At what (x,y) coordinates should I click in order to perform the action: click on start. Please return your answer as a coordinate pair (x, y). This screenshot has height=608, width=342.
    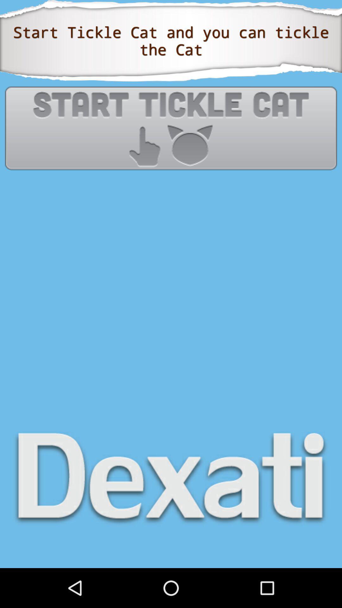
    Looking at the image, I should click on (171, 128).